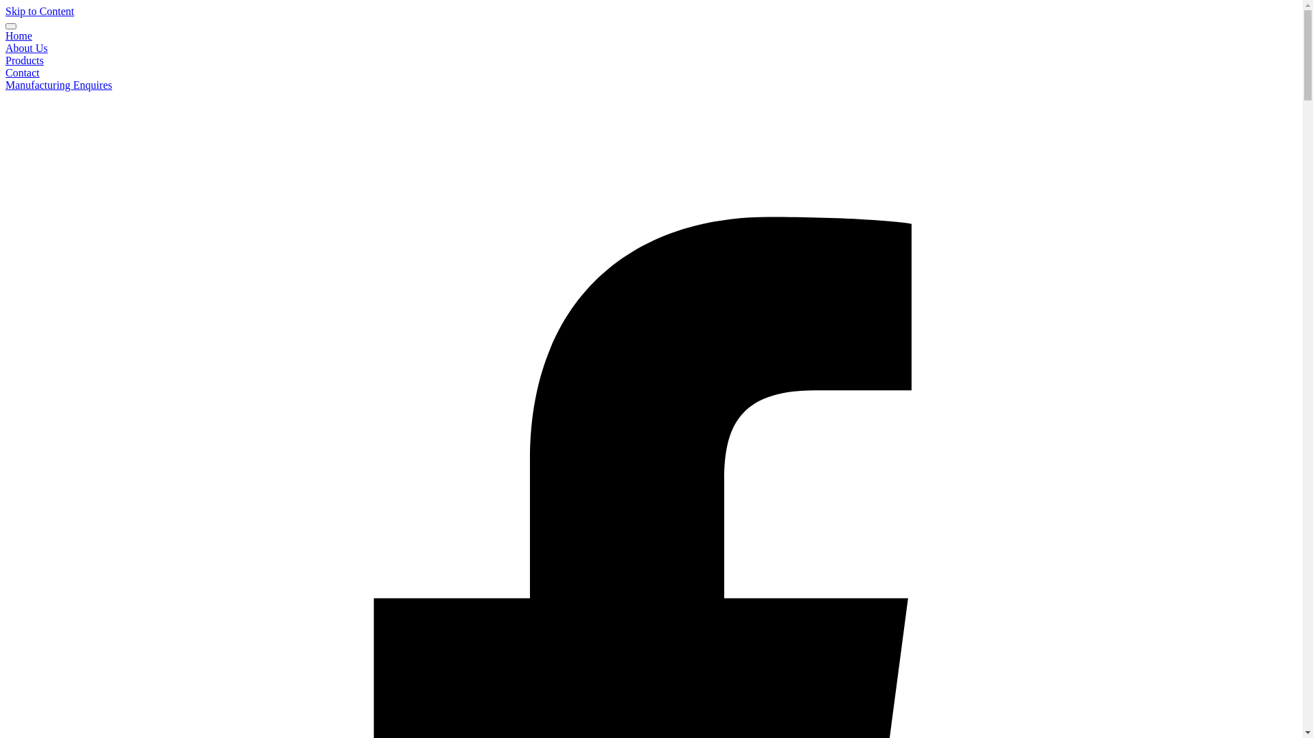 This screenshot has width=1313, height=738. Describe the element at coordinates (58, 85) in the screenshot. I see `'Manufacturing Enquires'` at that location.